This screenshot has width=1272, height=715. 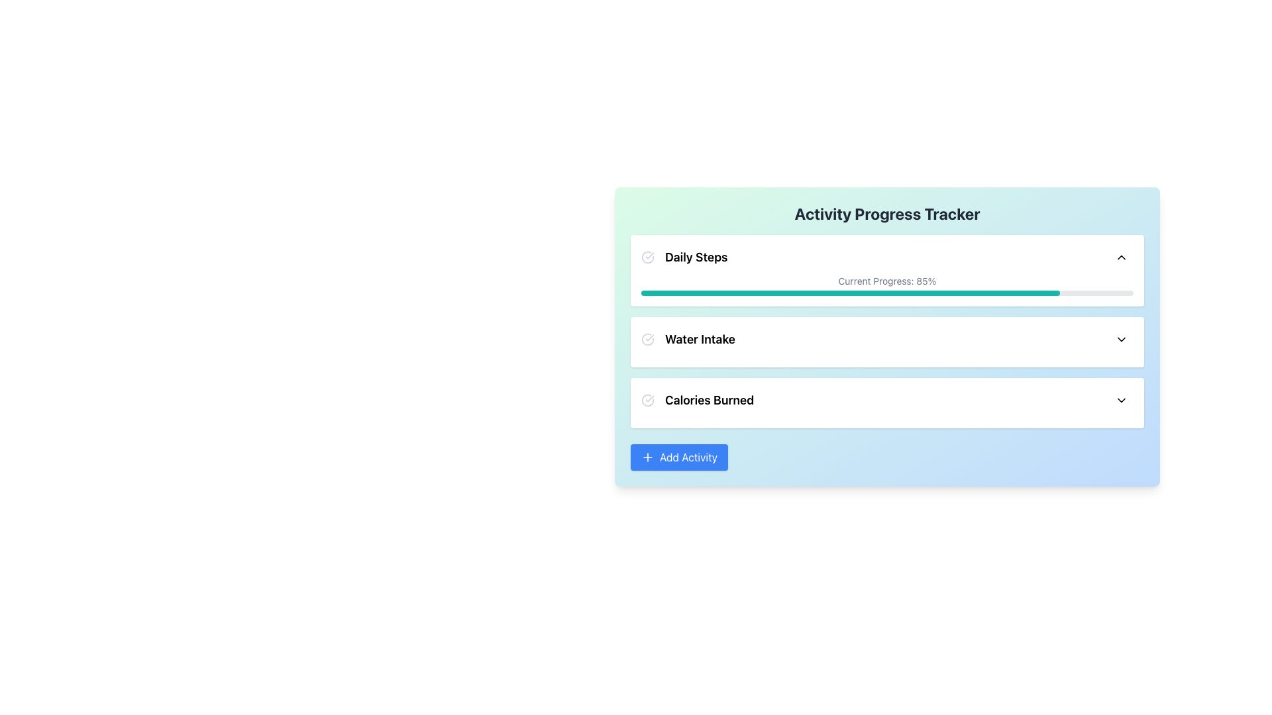 I want to click on the upward-pointing arrow icon used for expanding or collapsing content, so click(x=1121, y=258).